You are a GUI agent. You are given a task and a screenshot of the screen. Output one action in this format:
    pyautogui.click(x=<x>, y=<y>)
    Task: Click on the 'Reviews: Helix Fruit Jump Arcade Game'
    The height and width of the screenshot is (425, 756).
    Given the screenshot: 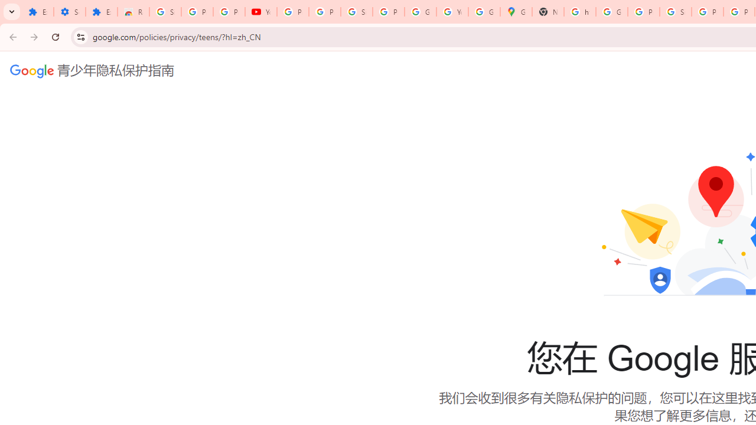 What is the action you would take?
    pyautogui.click(x=133, y=12)
    